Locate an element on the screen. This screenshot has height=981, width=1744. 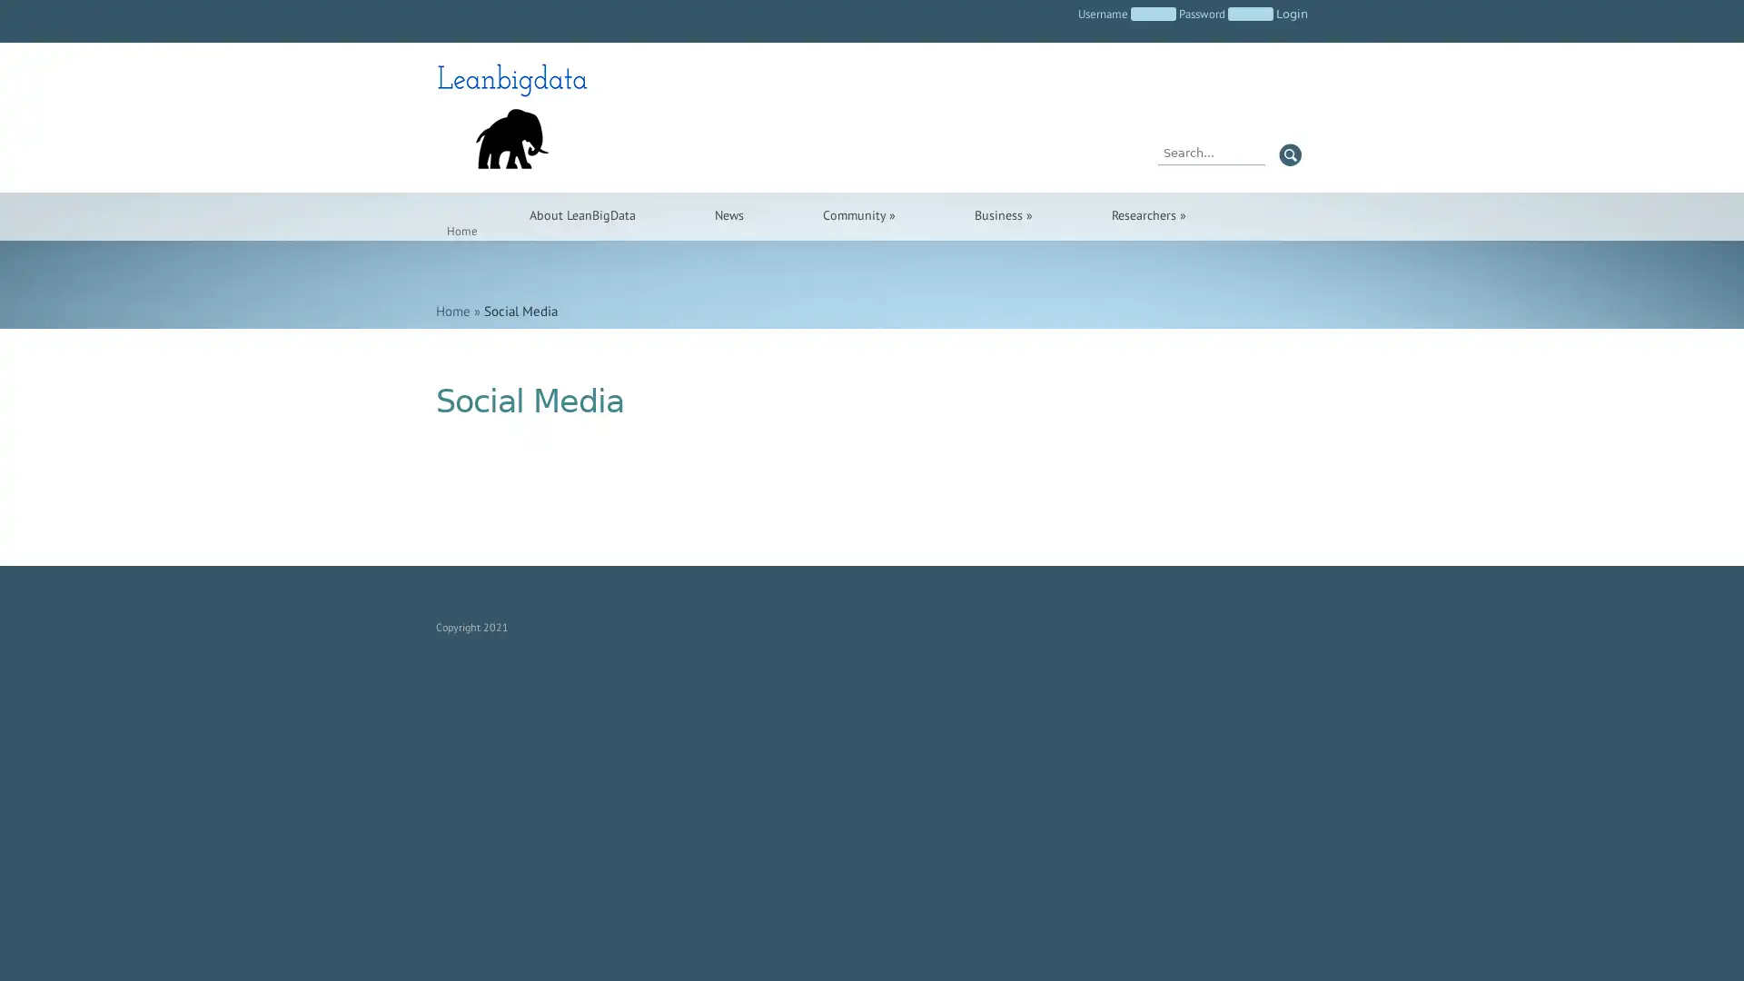
Submit is located at coordinates (1289, 154).